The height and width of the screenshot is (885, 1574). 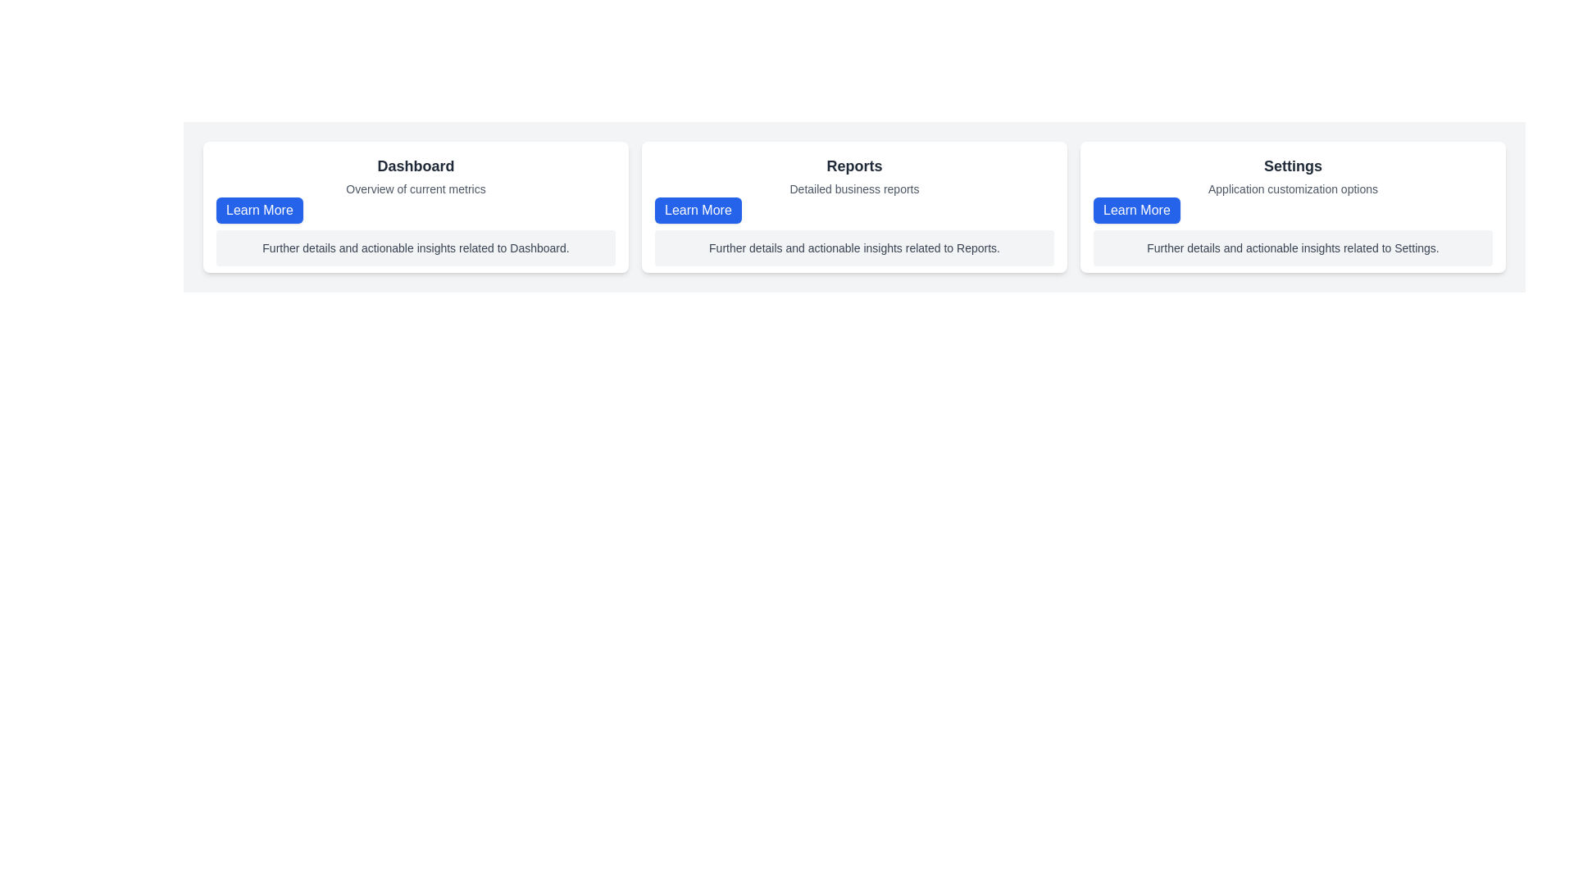 What do you see at coordinates (1292, 166) in the screenshot?
I see `text of the header label located in the third column of the three-panel layout, positioned above the descriptive text 'Application customization options'` at bounding box center [1292, 166].